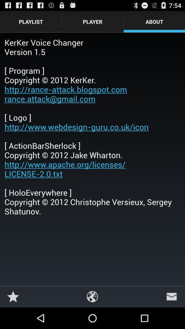  I want to click on the icon below kerker voice changer item, so click(13, 296).